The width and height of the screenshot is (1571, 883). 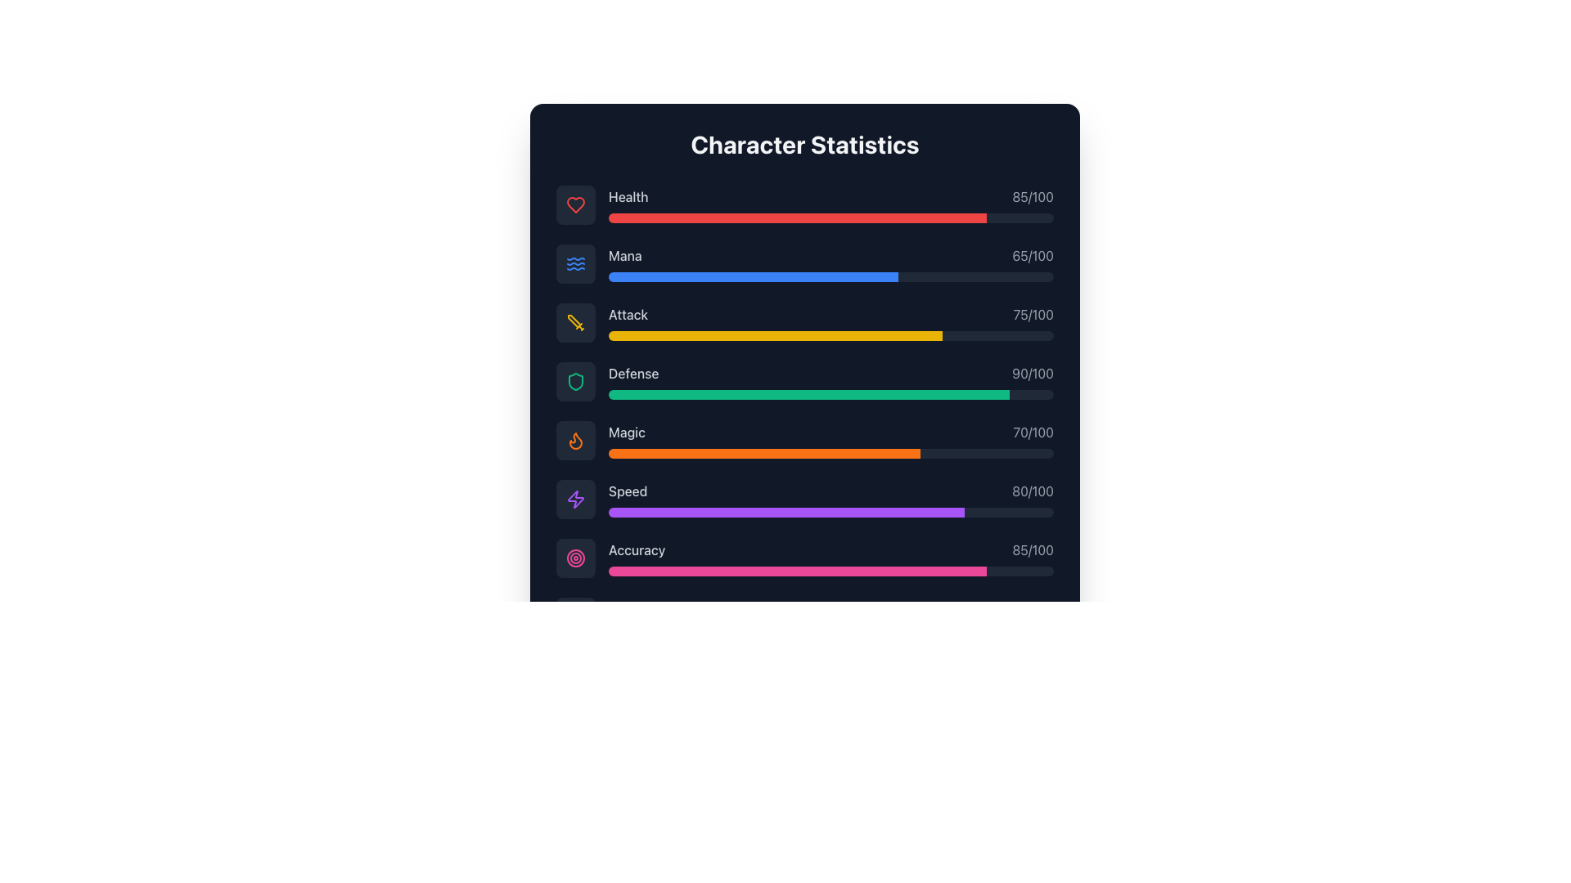 What do you see at coordinates (576, 440) in the screenshot?
I see `the flame icon, which is the fifth icon in a vertical list of seven statistics-related icons, positioned between the shield icon above and the lightning icon below, representing 'Magic'` at bounding box center [576, 440].